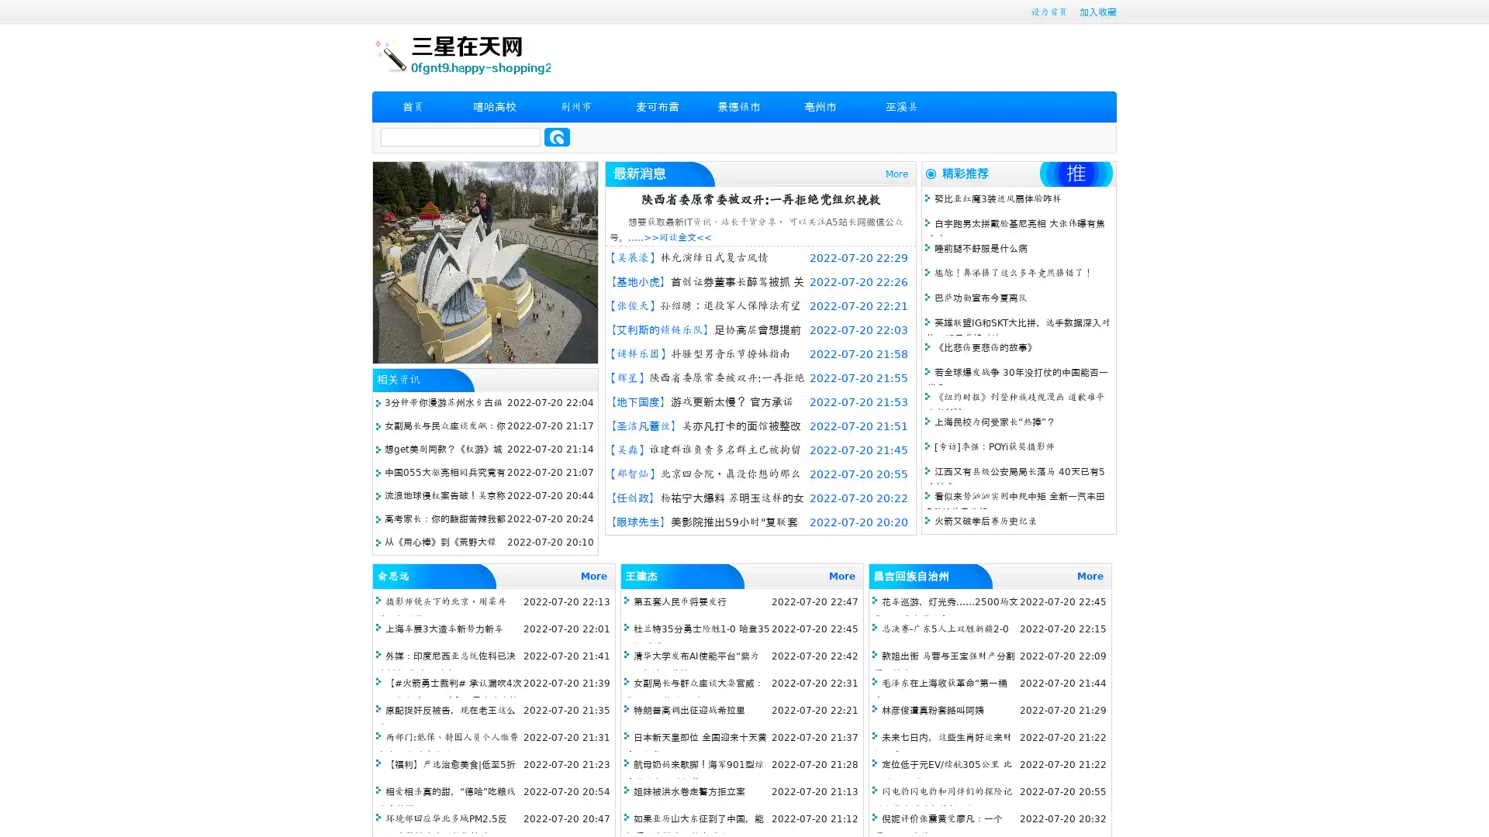 This screenshot has height=837, width=1489. What do you see at coordinates (557, 136) in the screenshot?
I see `Search` at bounding box center [557, 136].